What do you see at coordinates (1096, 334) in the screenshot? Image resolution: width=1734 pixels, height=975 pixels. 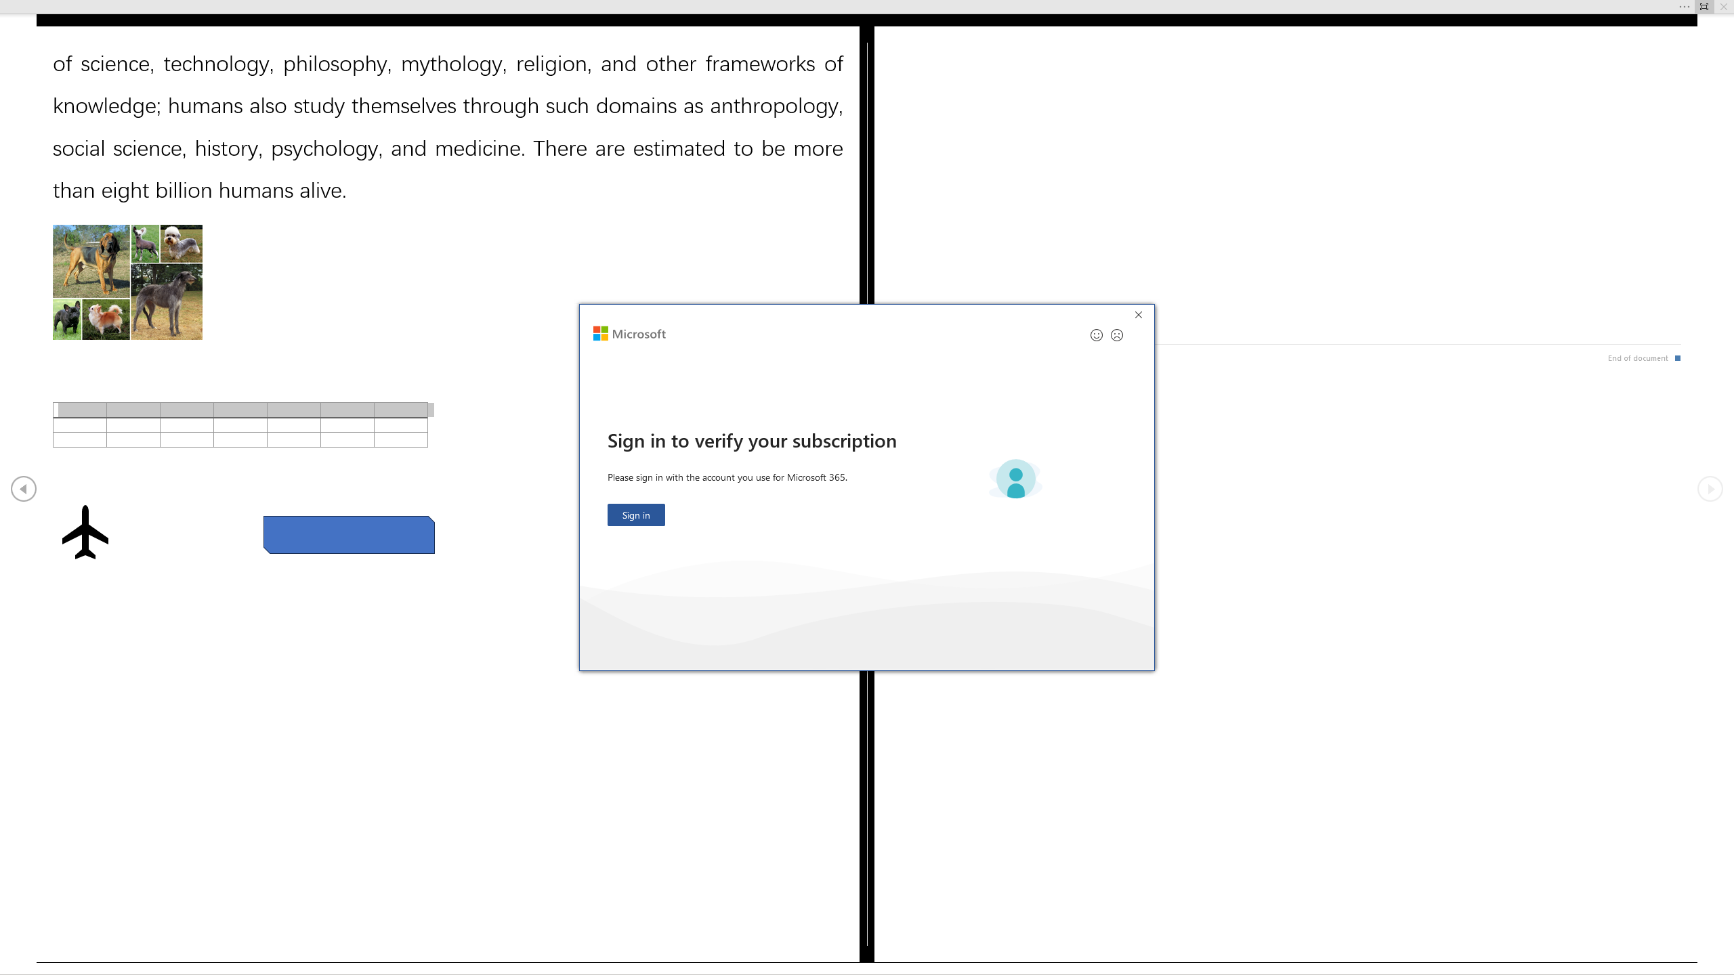 I see `'Send a smile for feedback'` at bounding box center [1096, 334].